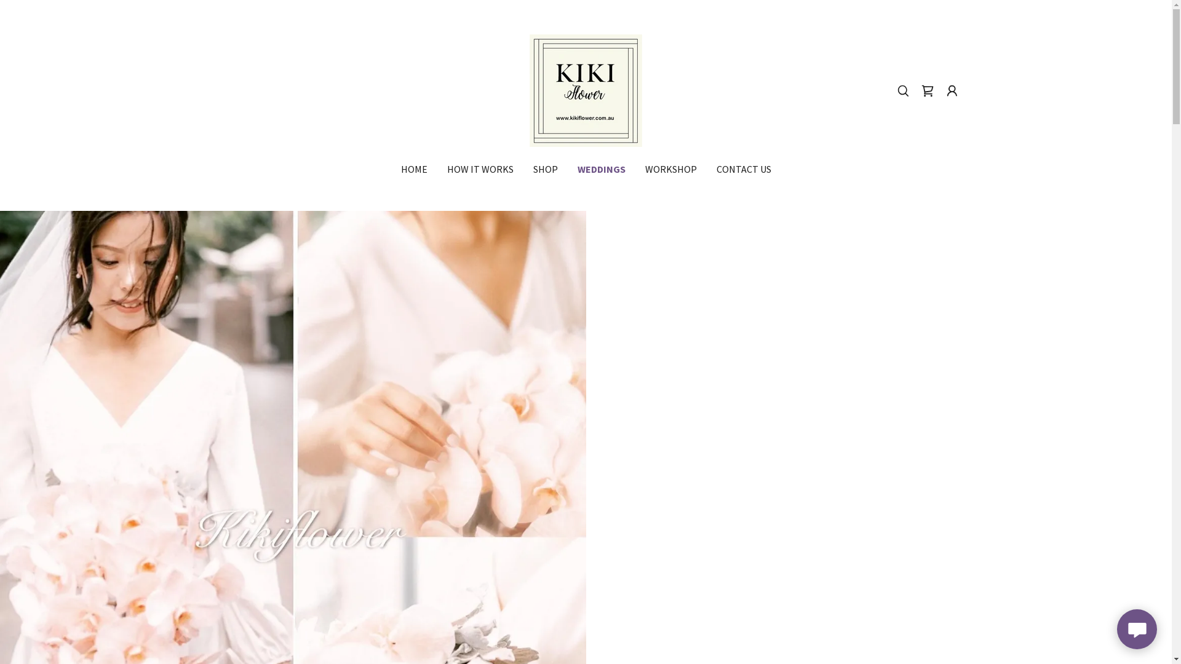 This screenshot has height=664, width=1181. What do you see at coordinates (479, 168) in the screenshot?
I see `'HOW IT WORKS'` at bounding box center [479, 168].